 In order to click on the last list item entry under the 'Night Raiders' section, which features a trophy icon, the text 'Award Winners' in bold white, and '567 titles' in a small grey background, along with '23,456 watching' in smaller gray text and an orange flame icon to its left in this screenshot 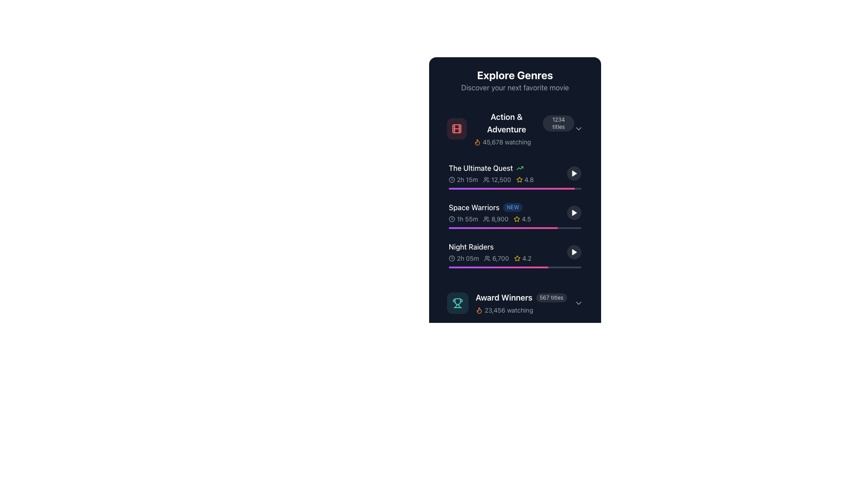, I will do `click(511, 303)`.